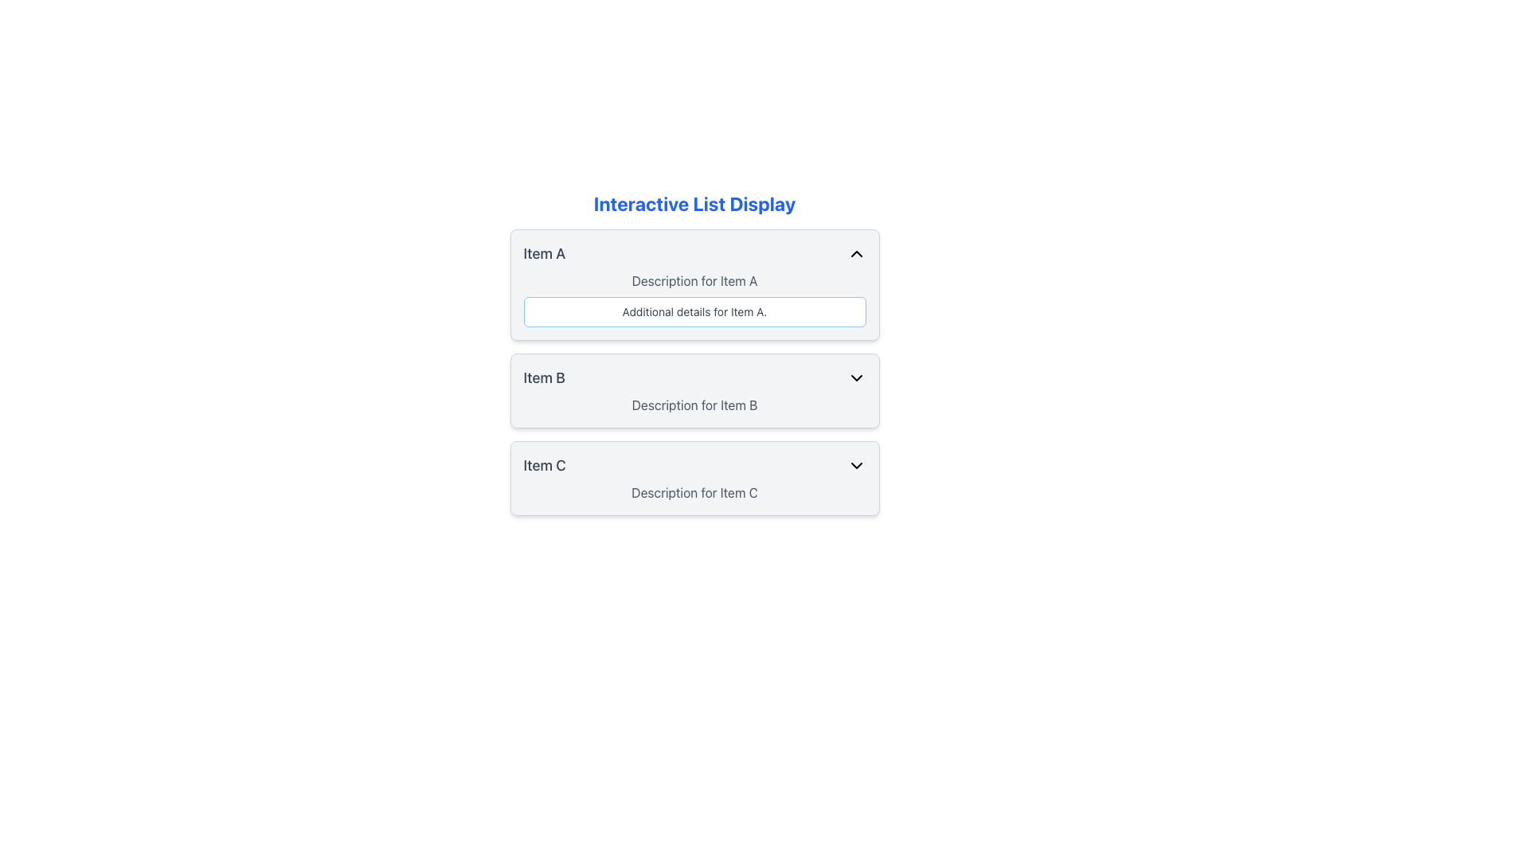 The image size is (1529, 860). What do you see at coordinates (694, 253) in the screenshot?
I see `the Collapsible Section Header titled 'Item A'` at bounding box center [694, 253].